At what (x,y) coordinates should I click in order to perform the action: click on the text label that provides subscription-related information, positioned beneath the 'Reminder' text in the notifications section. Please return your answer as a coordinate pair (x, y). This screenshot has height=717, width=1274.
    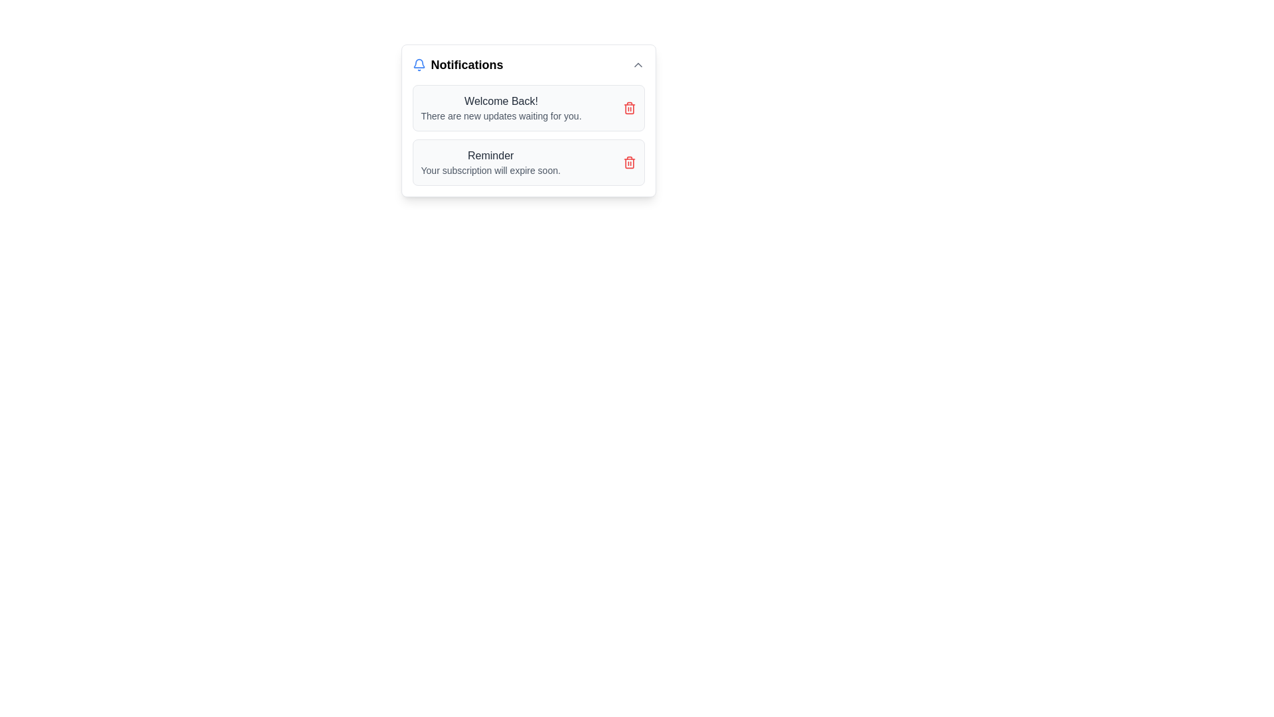
    Looking at the image, I should click on (490, 170).